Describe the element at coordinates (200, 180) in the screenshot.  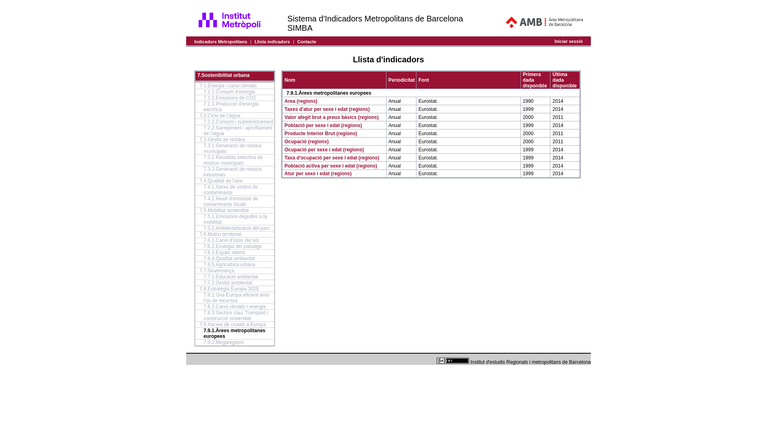
I see `'7.4.Qualitat de l'aire'` at that location.